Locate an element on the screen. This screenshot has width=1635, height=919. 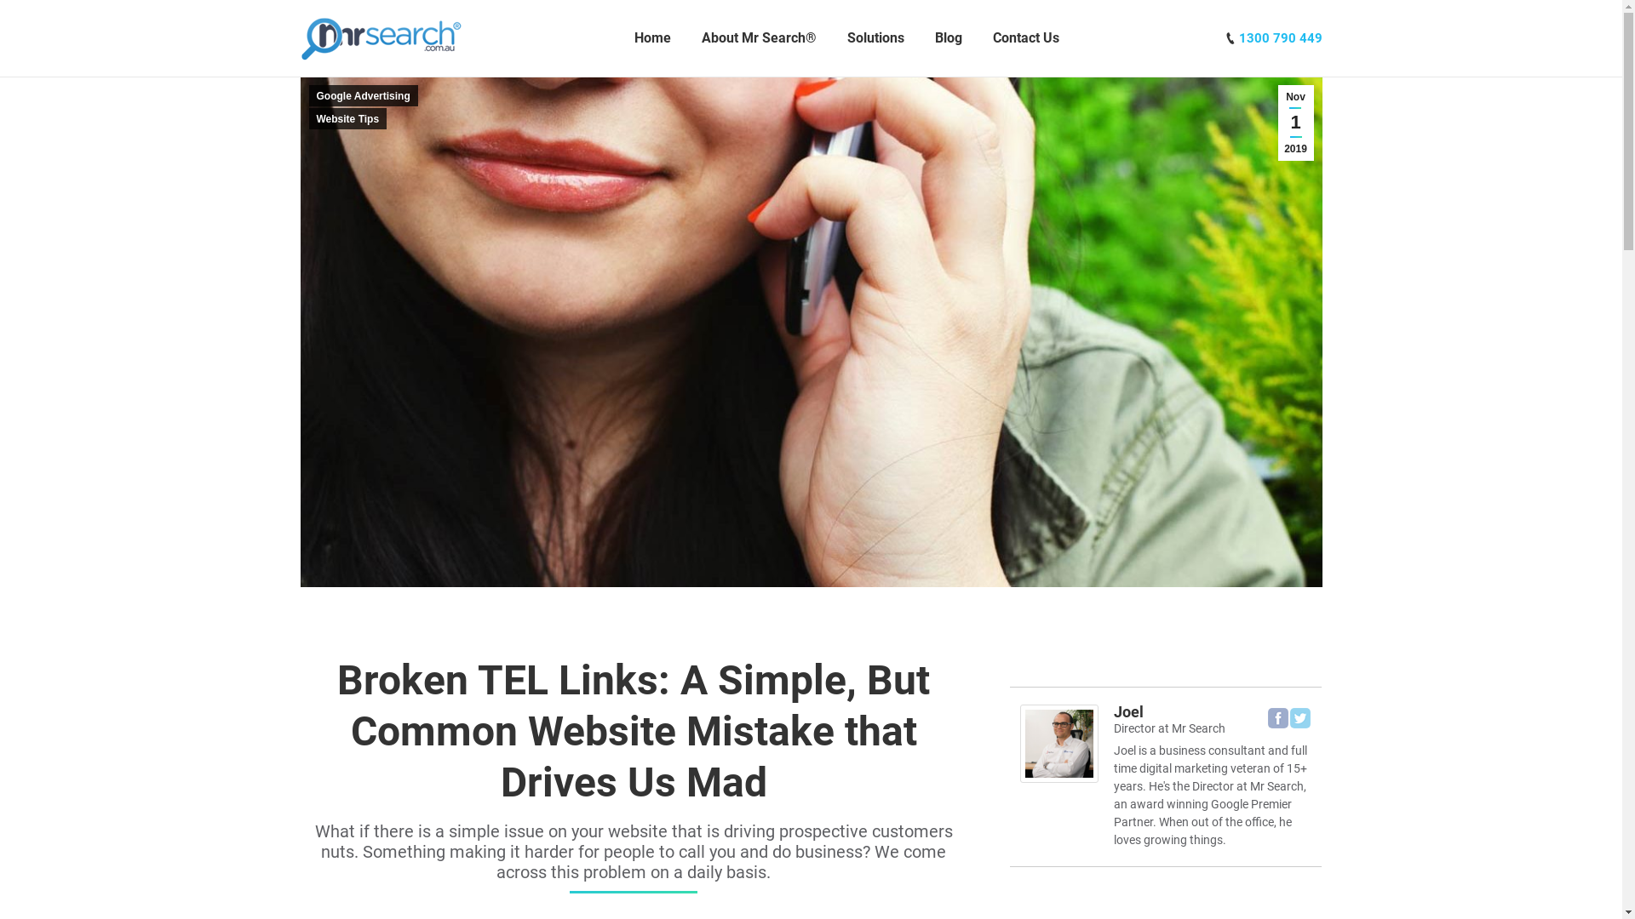
'Solutions' is located at coordinates (875, 38).